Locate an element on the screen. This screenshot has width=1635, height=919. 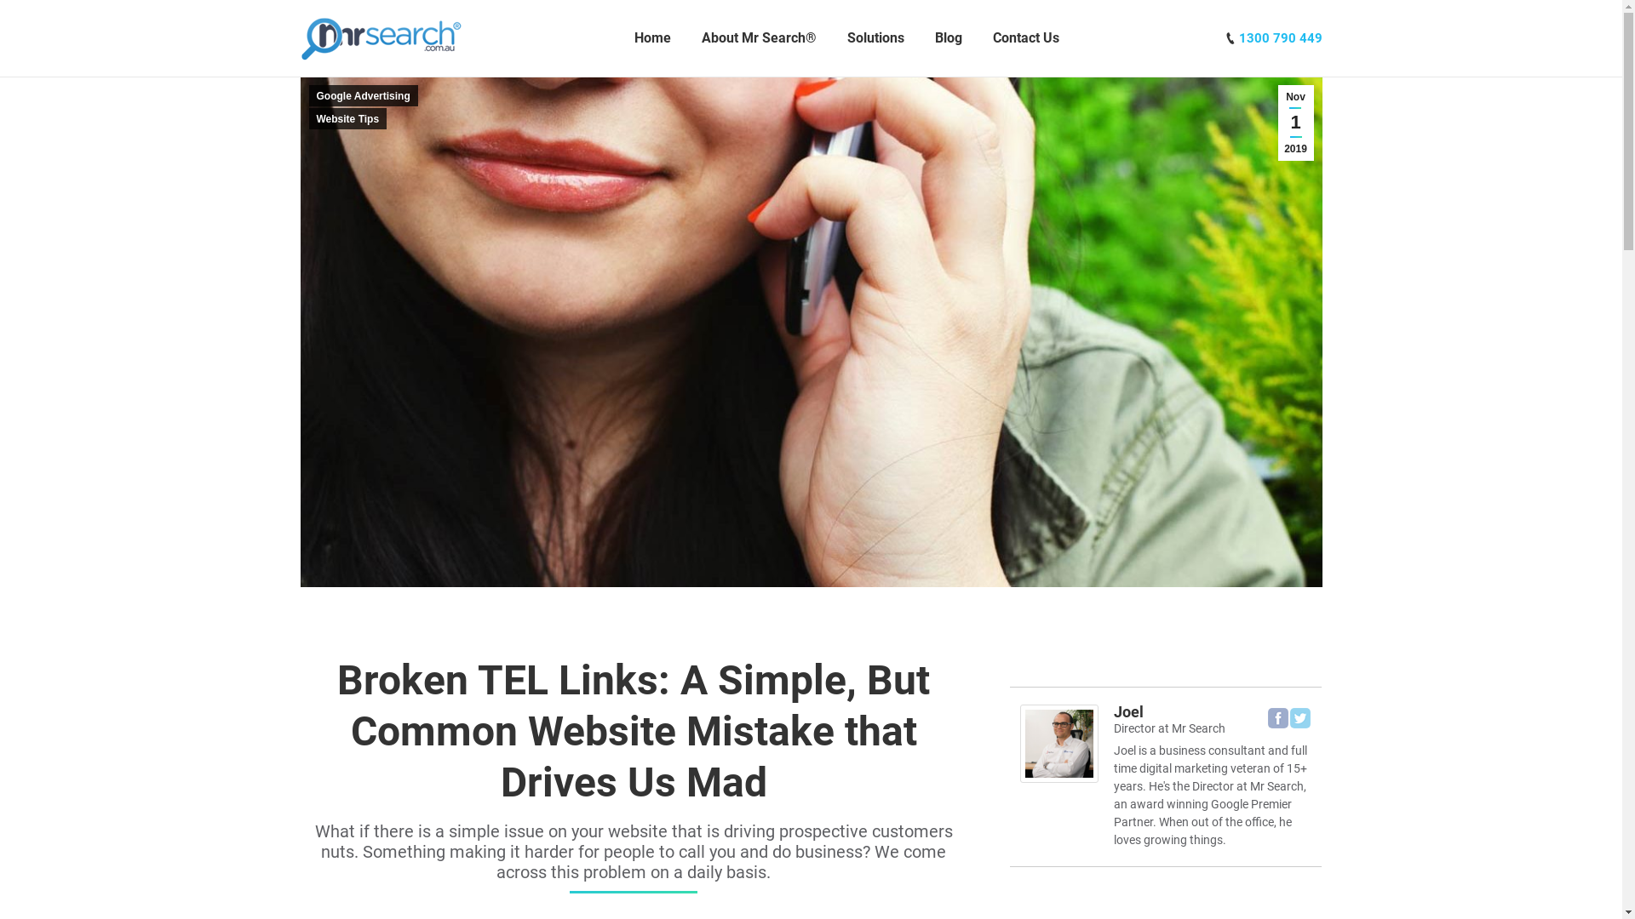
'Solutions' is located at coordinates (875, 38).